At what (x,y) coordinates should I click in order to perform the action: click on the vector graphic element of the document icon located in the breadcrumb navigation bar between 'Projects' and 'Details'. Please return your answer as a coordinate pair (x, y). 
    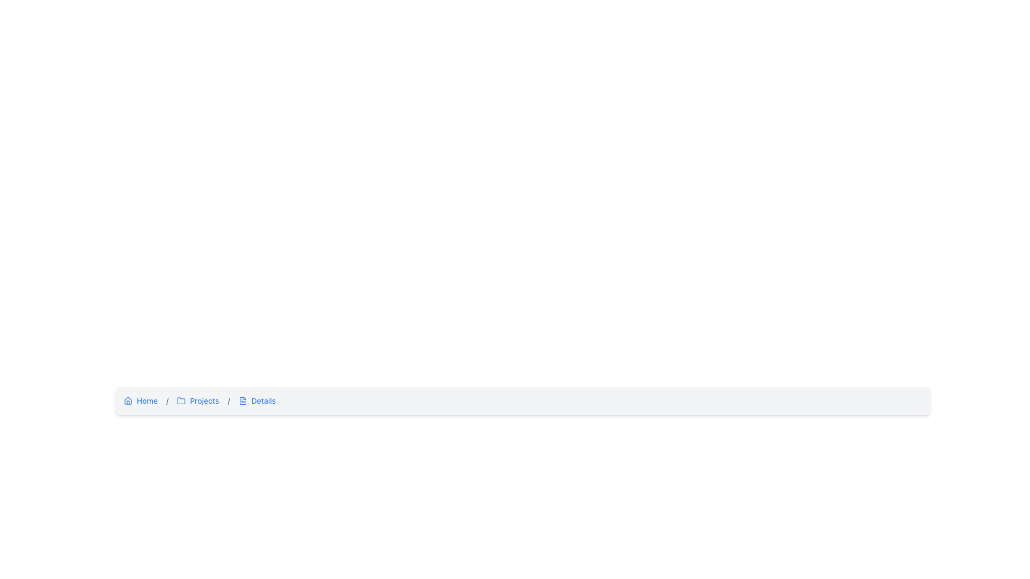
    Looking at the image, I should click on (242, 401).